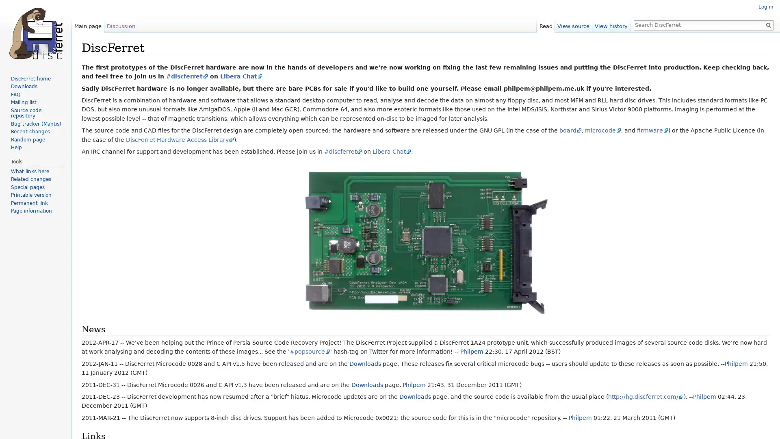 This screenshot has height=439, width=780. Describe the element at coordinates (768, 24) in the screenshot. I see `Go` at that location.